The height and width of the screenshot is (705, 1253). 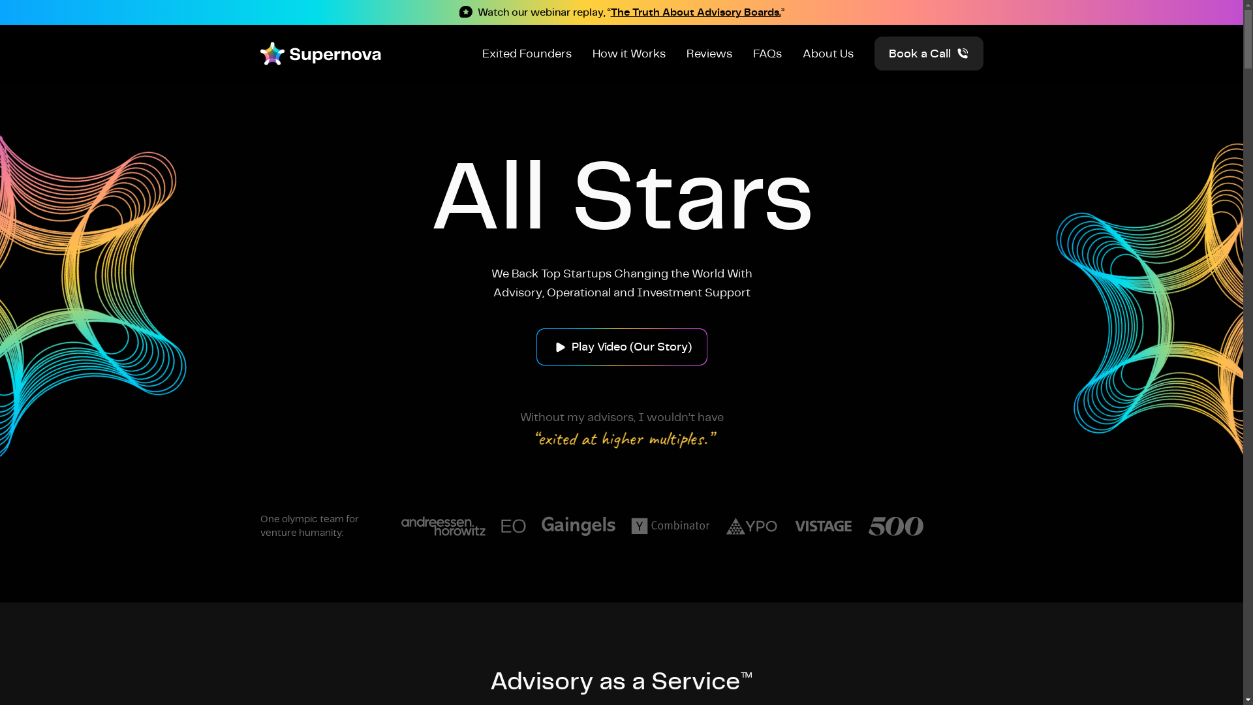 What do you see at coordinates (629, 52) in the screenshot?
I see `'How it Works'` at bounding box center [629, 52].